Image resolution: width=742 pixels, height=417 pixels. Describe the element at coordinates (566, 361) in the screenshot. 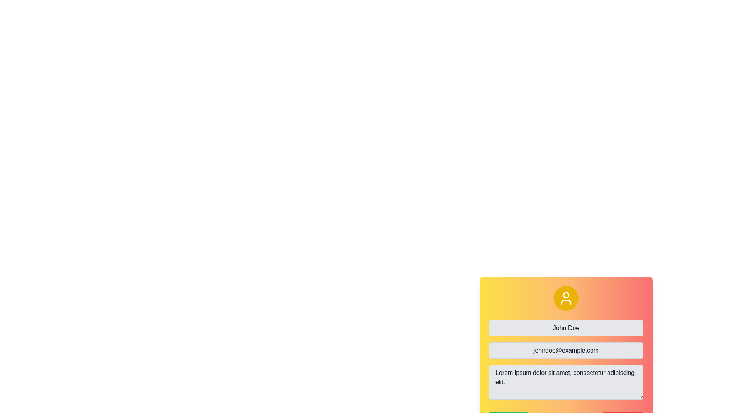

I see `the multi-line text input area with a light gray background and rounded border, located beneath the input fields for 'John Doe' and 'johndoe@example.com'` at that location.